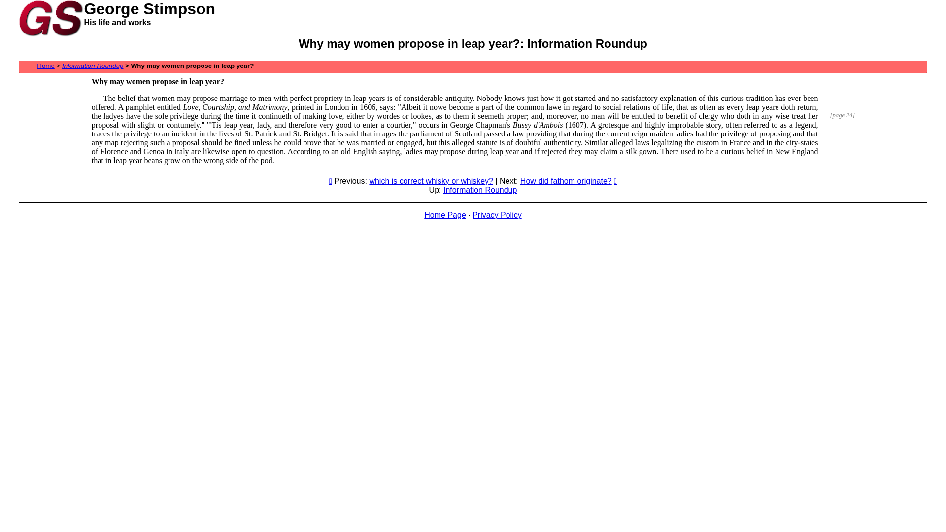 The width and height of the screenshot is (946, 532). What do you see at coordinates (431, 181) in the screenshot?
I see `'which is correct whisky or whiskey?'` at bounding box center [431, 181].